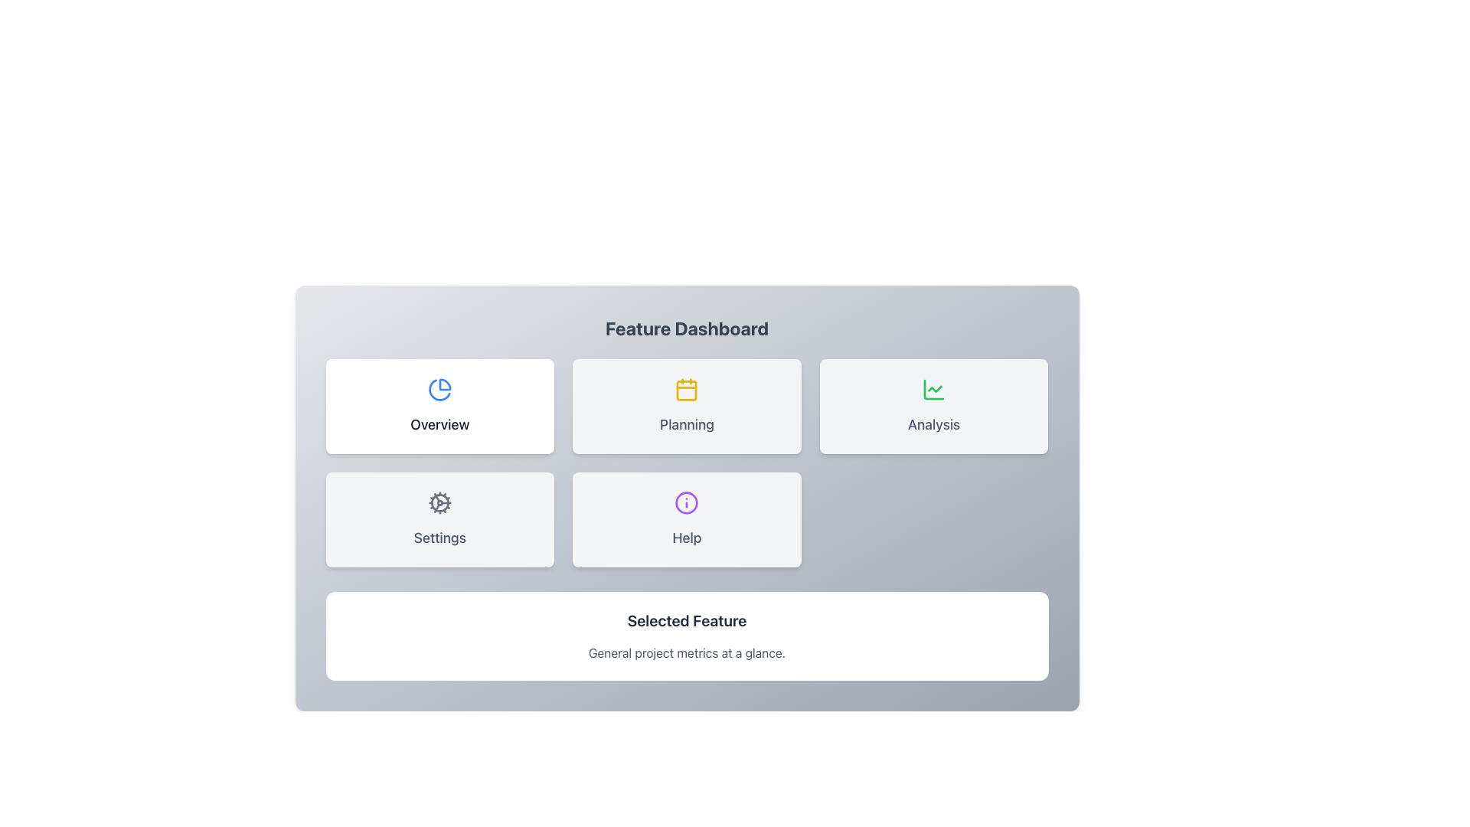 This screenshot has height=827, width=1470. What do you see at coordinates (439, 406) in the screenshot?
I see `the first card in the grid, which has a white background, rounded corners, a blue pie chart icon at the top-center, and the text 'Overview' below it` at bounding box center [439, 406].